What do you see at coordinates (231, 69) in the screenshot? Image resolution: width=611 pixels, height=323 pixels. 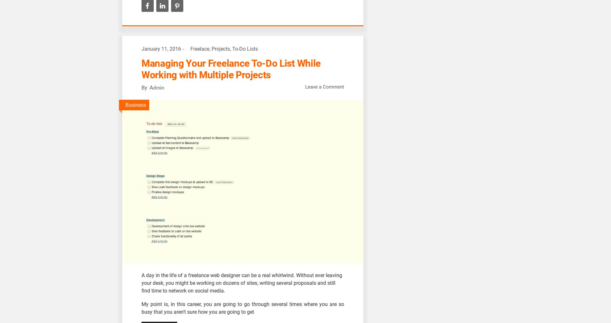 I see `'Managing Your Freelance To-Do List While Working with Multiple Projects'` at bounding box center [231, 69].